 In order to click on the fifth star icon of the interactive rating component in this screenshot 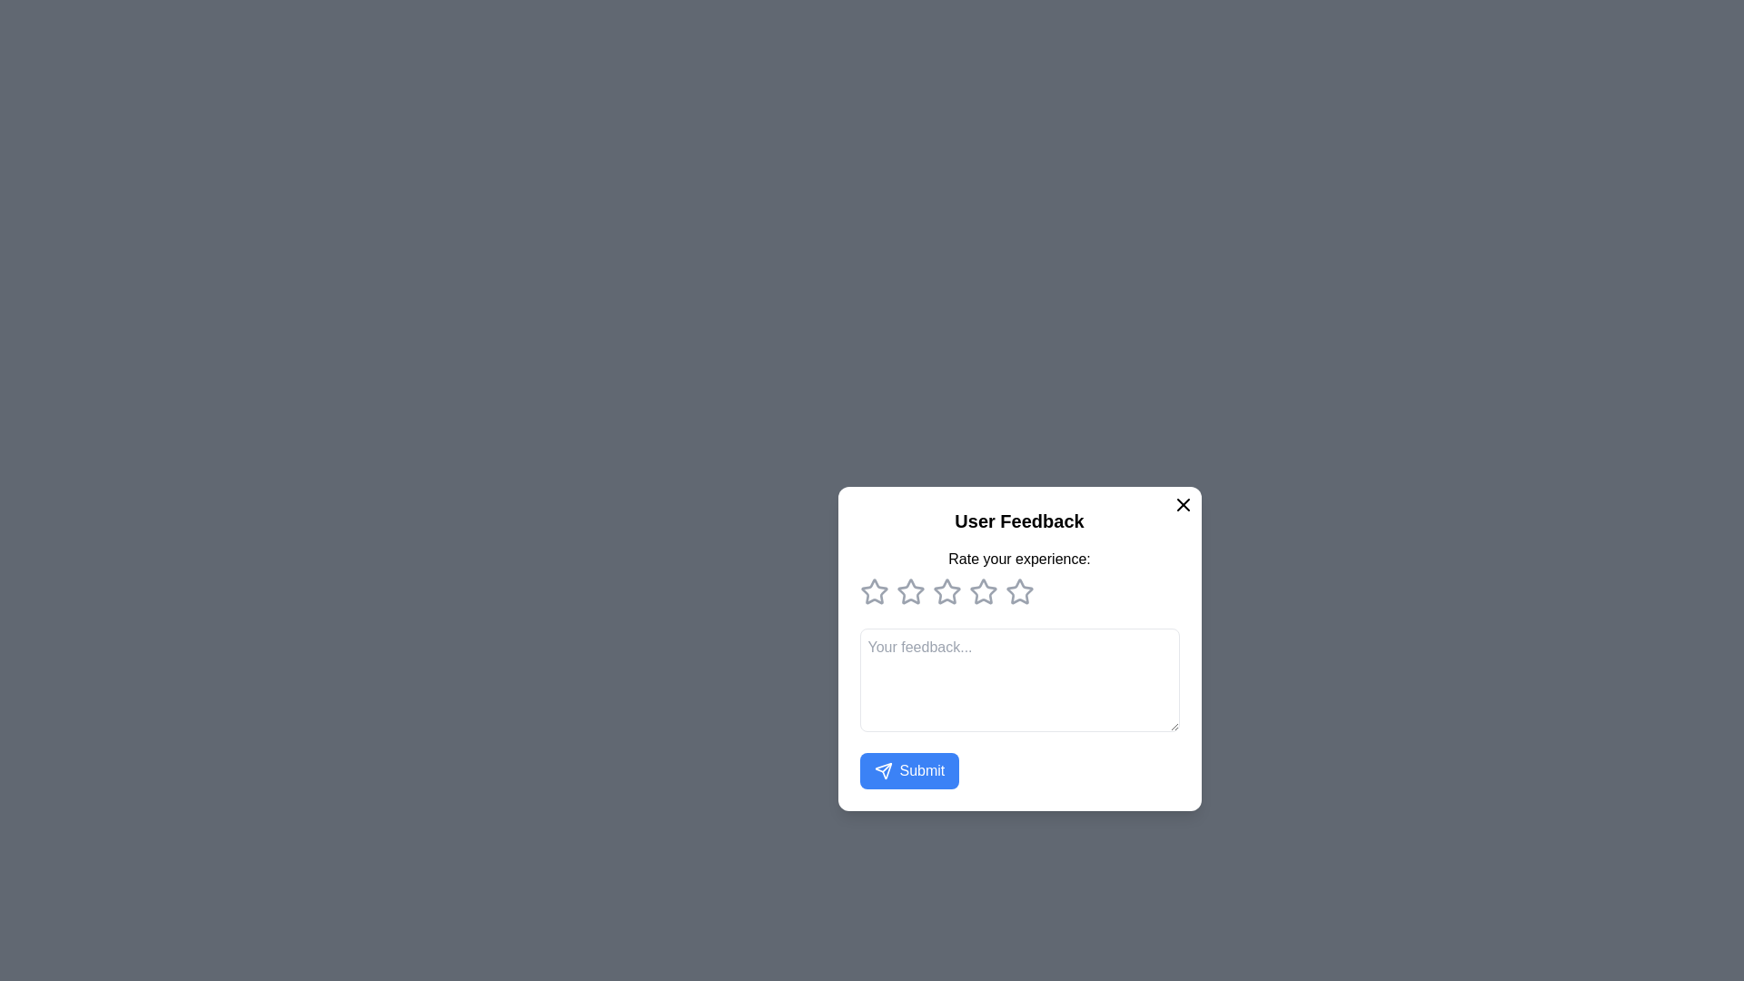, I will do `click(1019, 591)`.